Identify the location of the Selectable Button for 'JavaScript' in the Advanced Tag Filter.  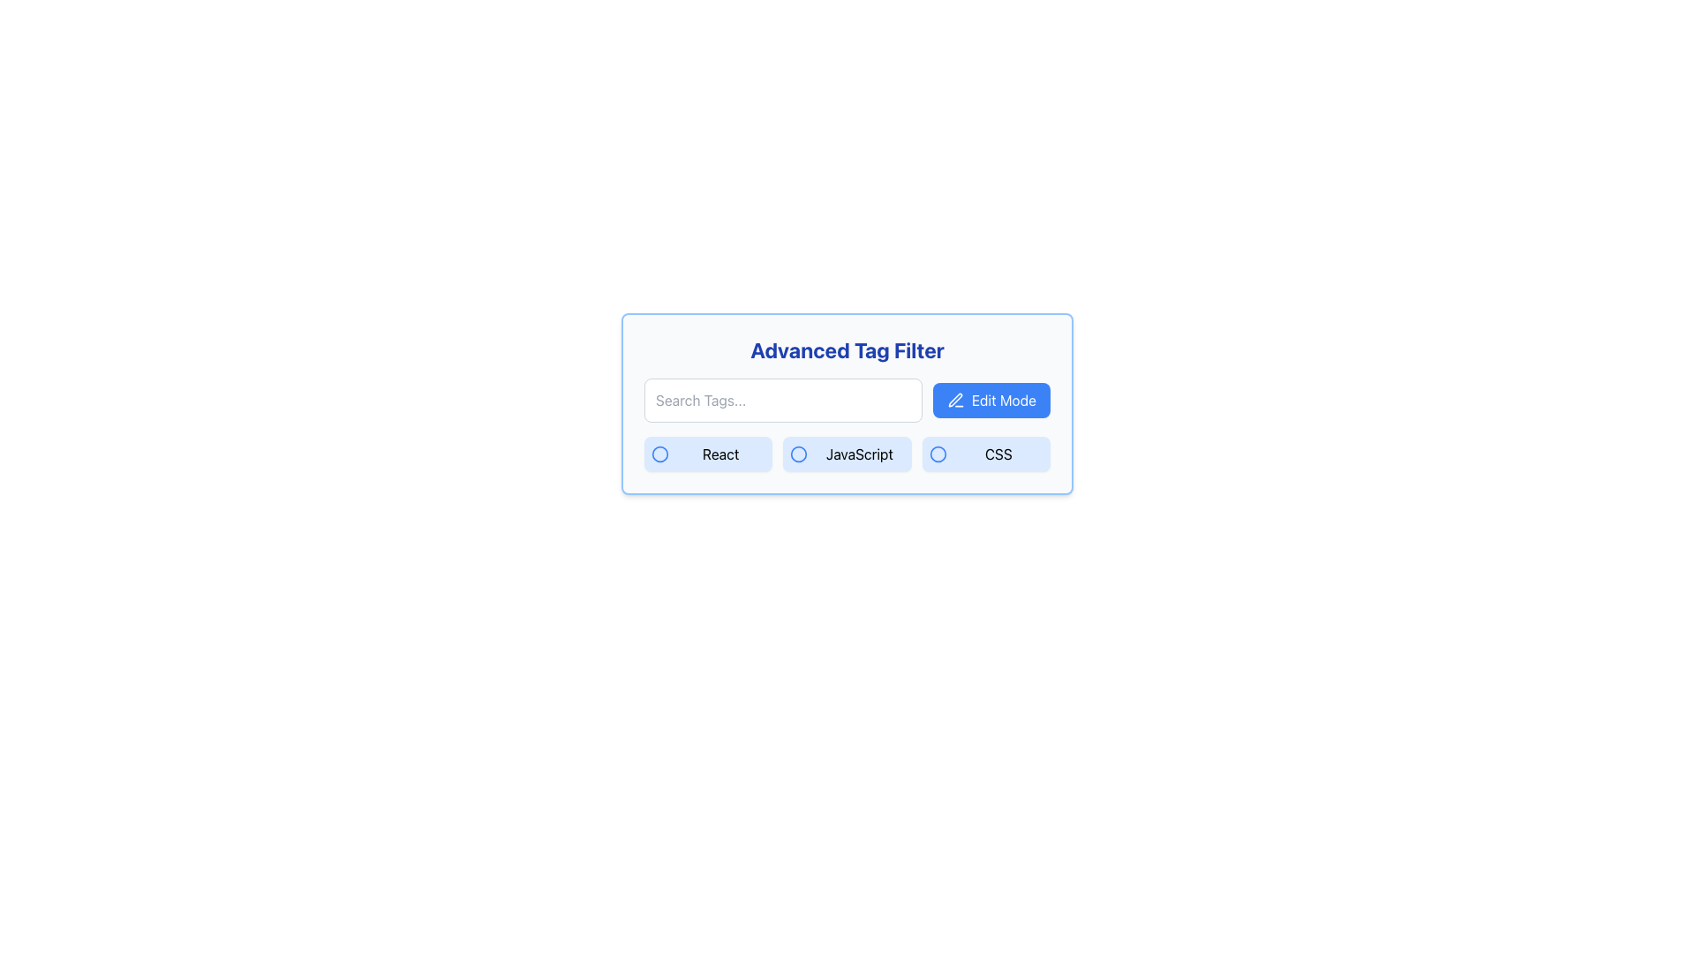
(860, 454).